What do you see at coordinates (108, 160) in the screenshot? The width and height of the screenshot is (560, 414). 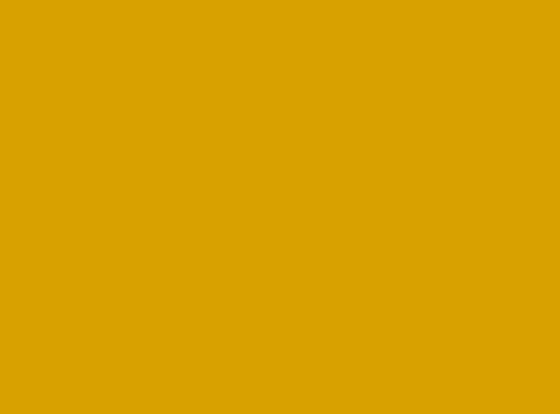 I see `'Salad'` at bounding box center [108, 160].